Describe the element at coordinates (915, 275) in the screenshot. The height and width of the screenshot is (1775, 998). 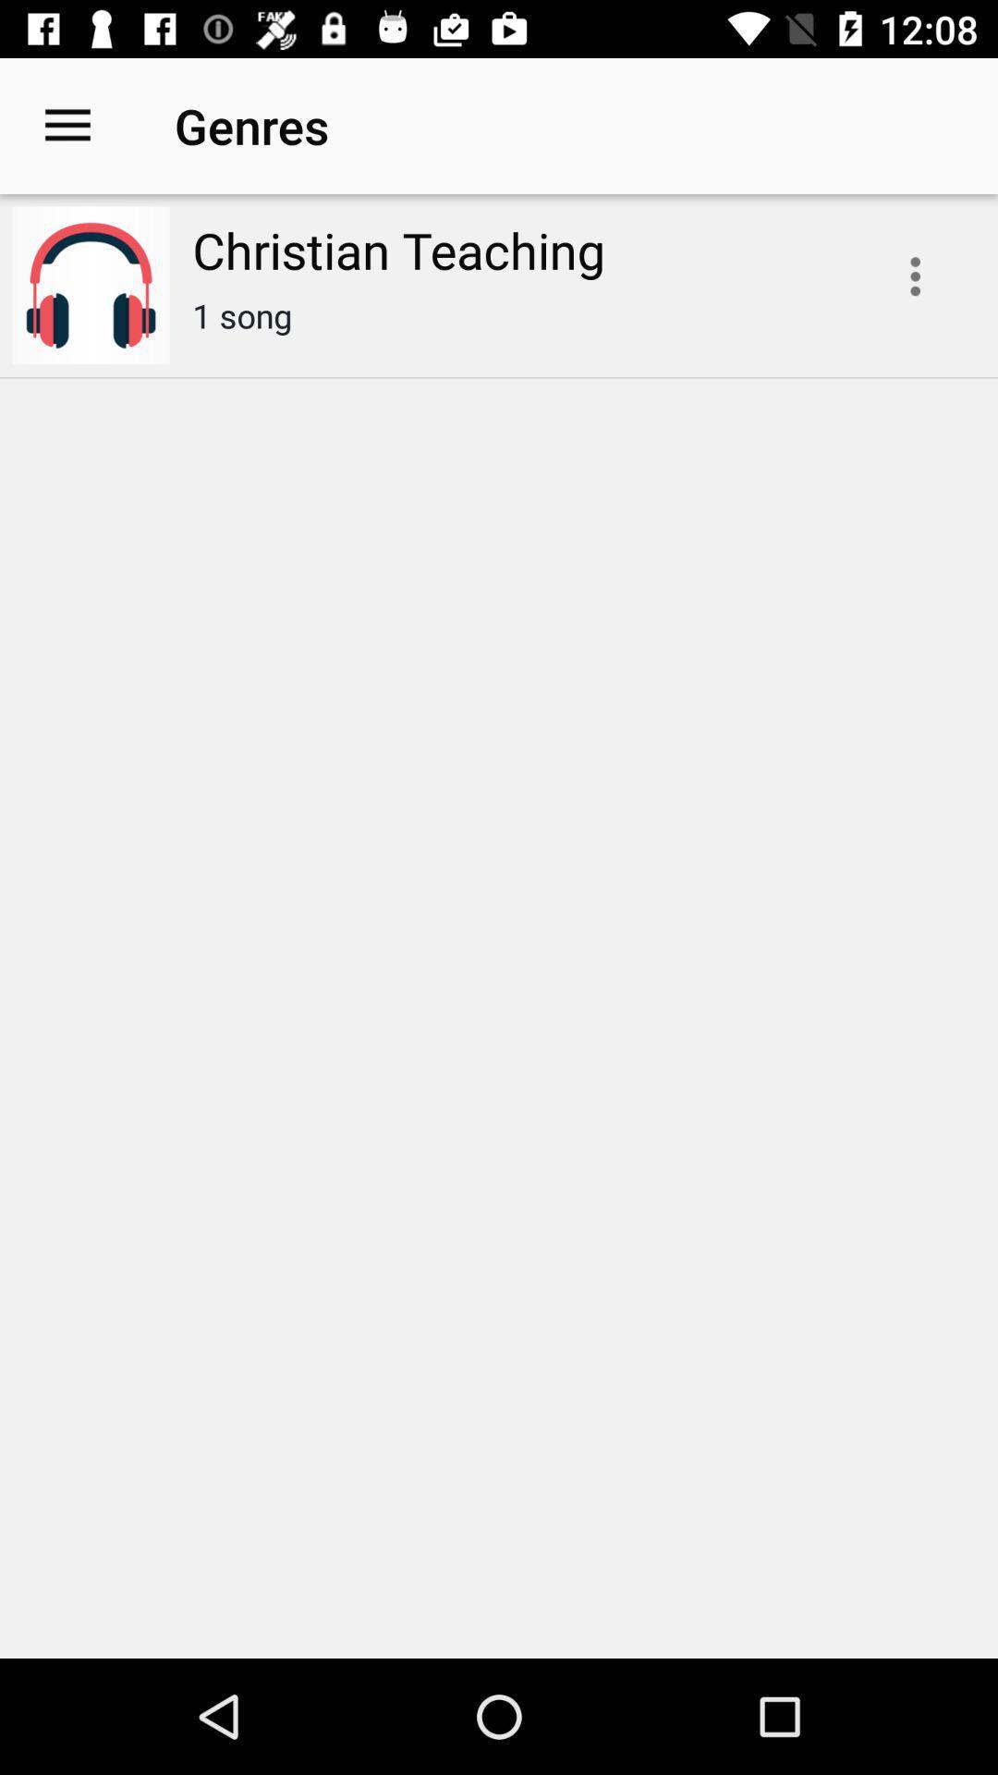
I see `the icon at the top right corner` at that location.